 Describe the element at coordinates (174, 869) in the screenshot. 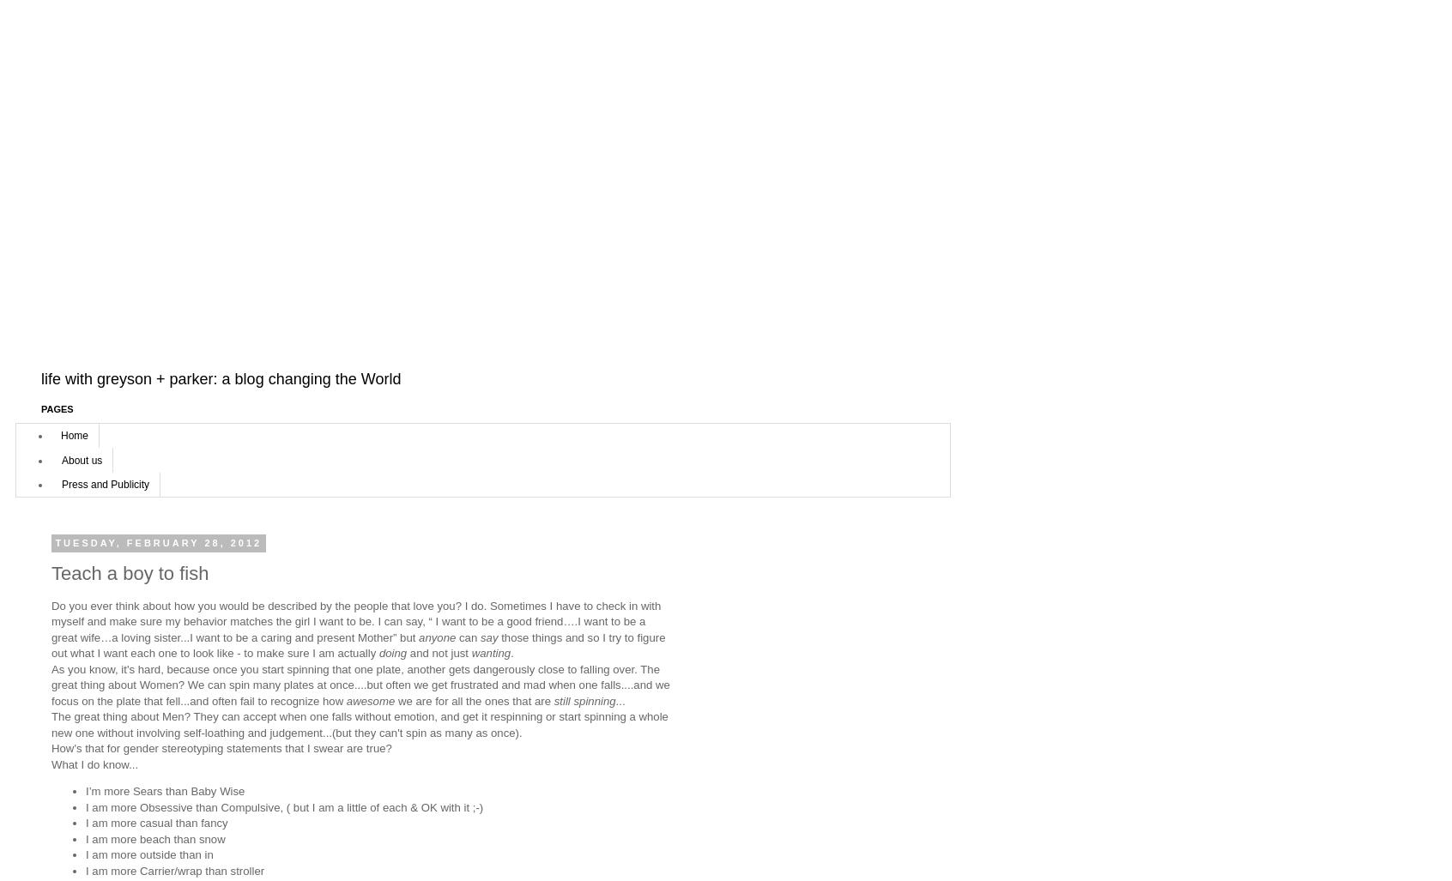

I see `'I am more Carrier/wrap than stroller'` at that location.